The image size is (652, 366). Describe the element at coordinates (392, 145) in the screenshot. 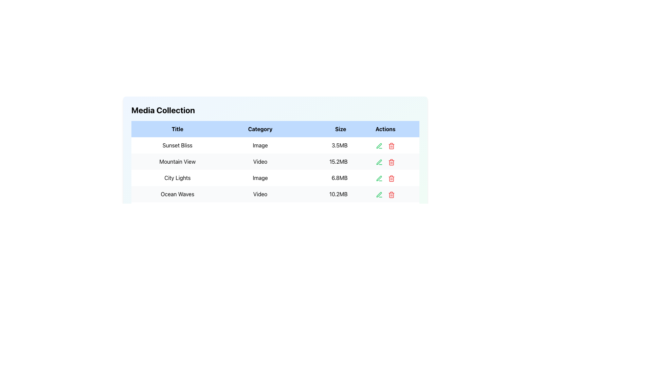

I see `the red trash bin icon button in the 'Actions' column for the first item 'Sunset Bliss'` at that location.